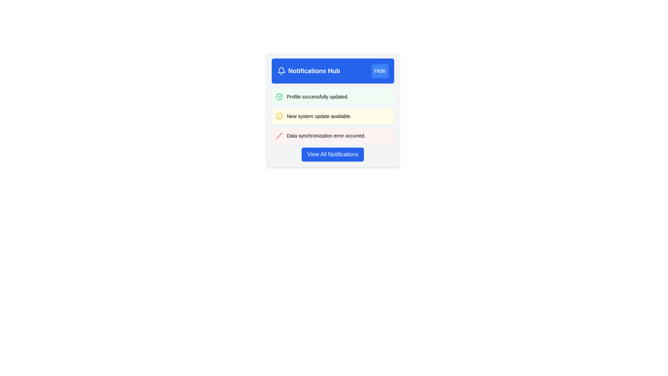 This screenshot has width=668, height=376. What do you see at coordinates (281, 70) in the screenshot?
I see `the bell icon located near the top-left corner of the blue header section in the notification panel, positioned below the icon's circular top cap` at bounding box center [281, 70].